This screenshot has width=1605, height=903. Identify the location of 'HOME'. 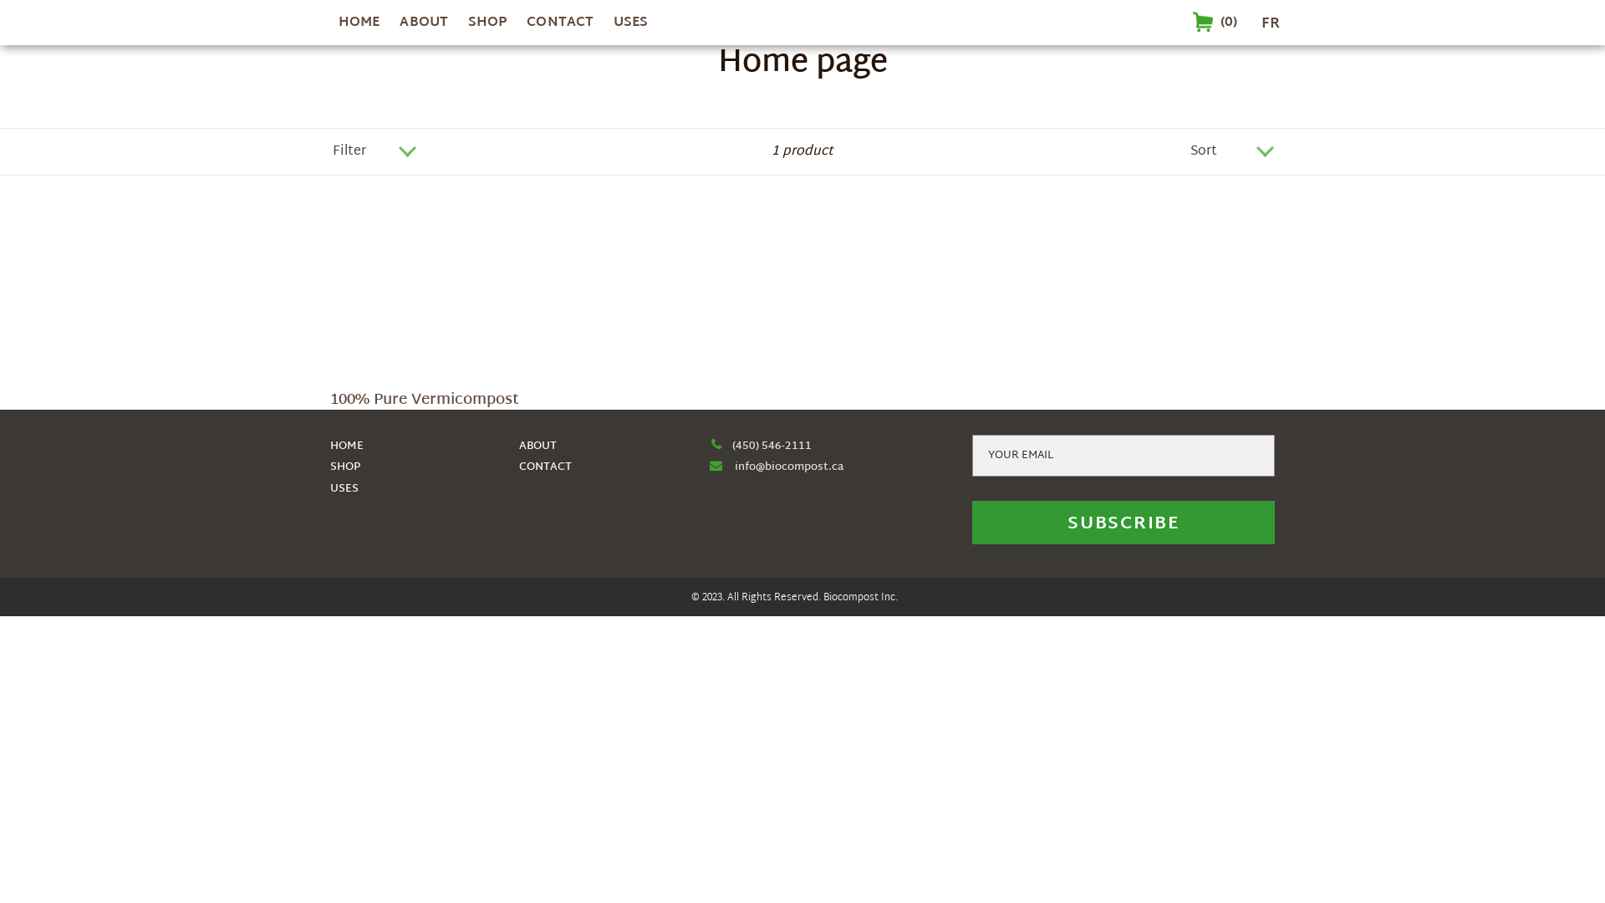
(358, 23).